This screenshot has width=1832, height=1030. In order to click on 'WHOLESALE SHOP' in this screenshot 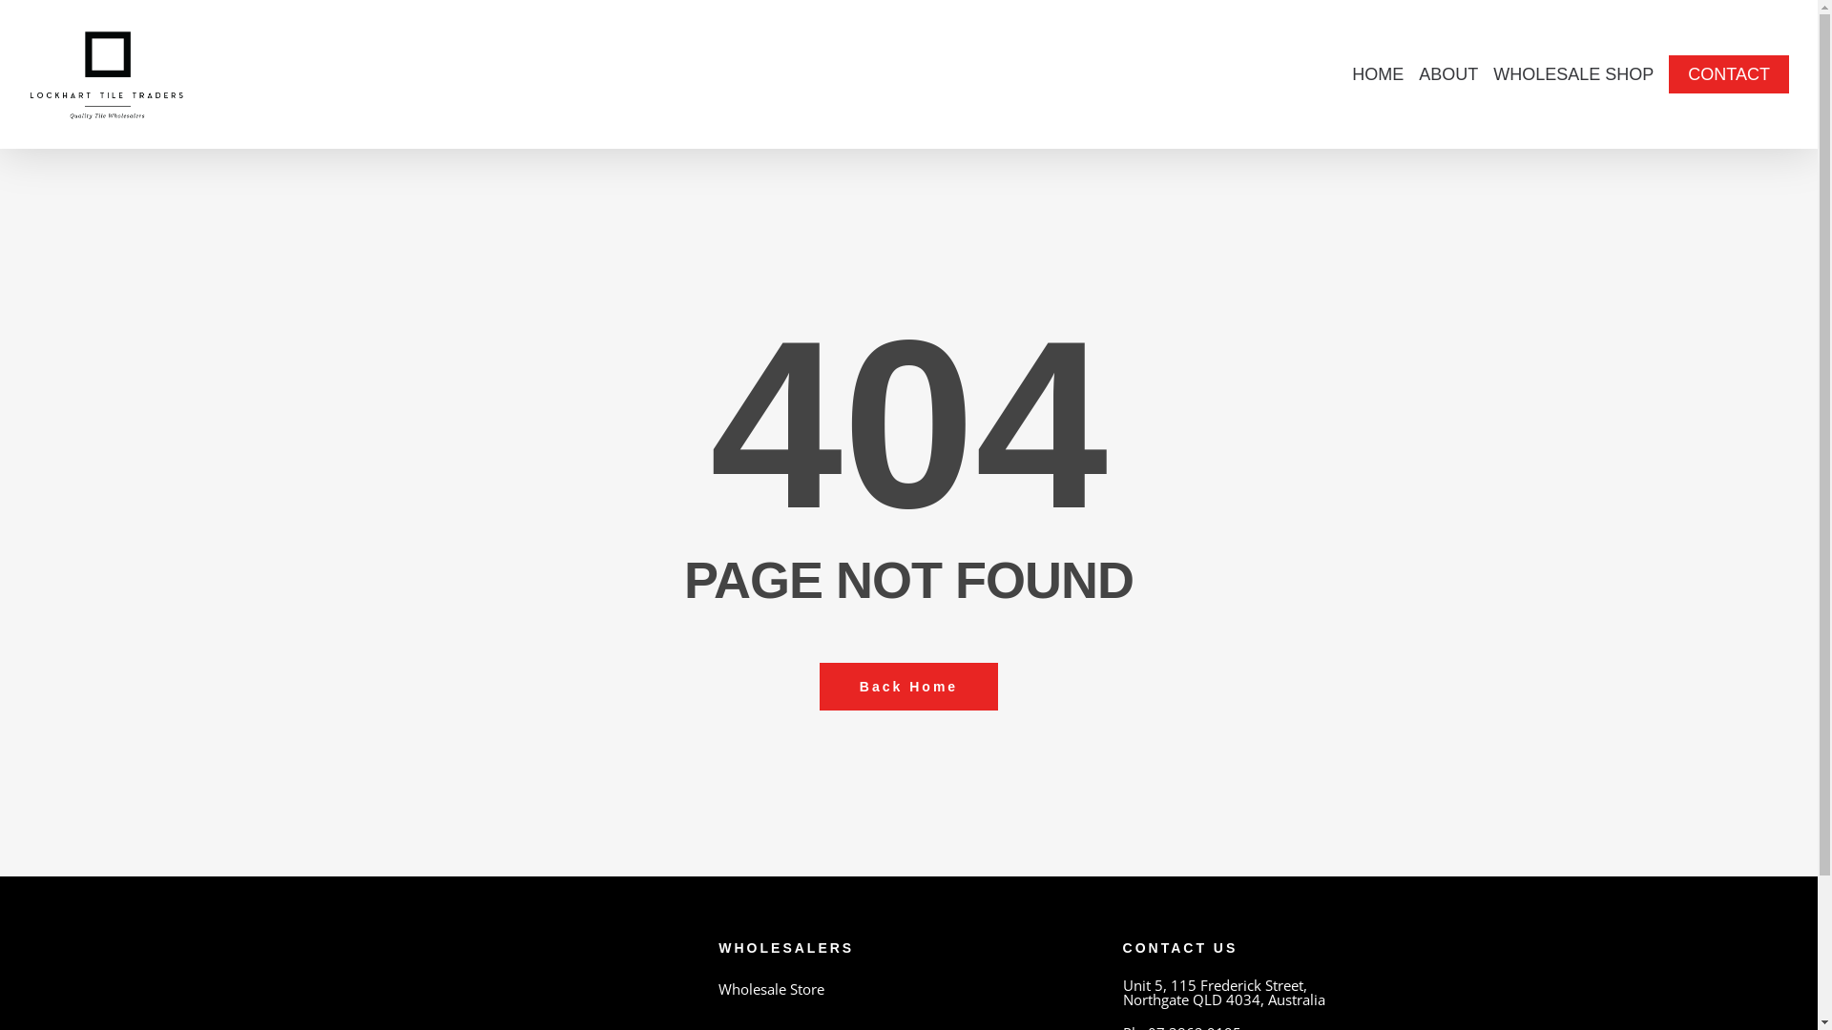, I will do `click(1573, 72)`.